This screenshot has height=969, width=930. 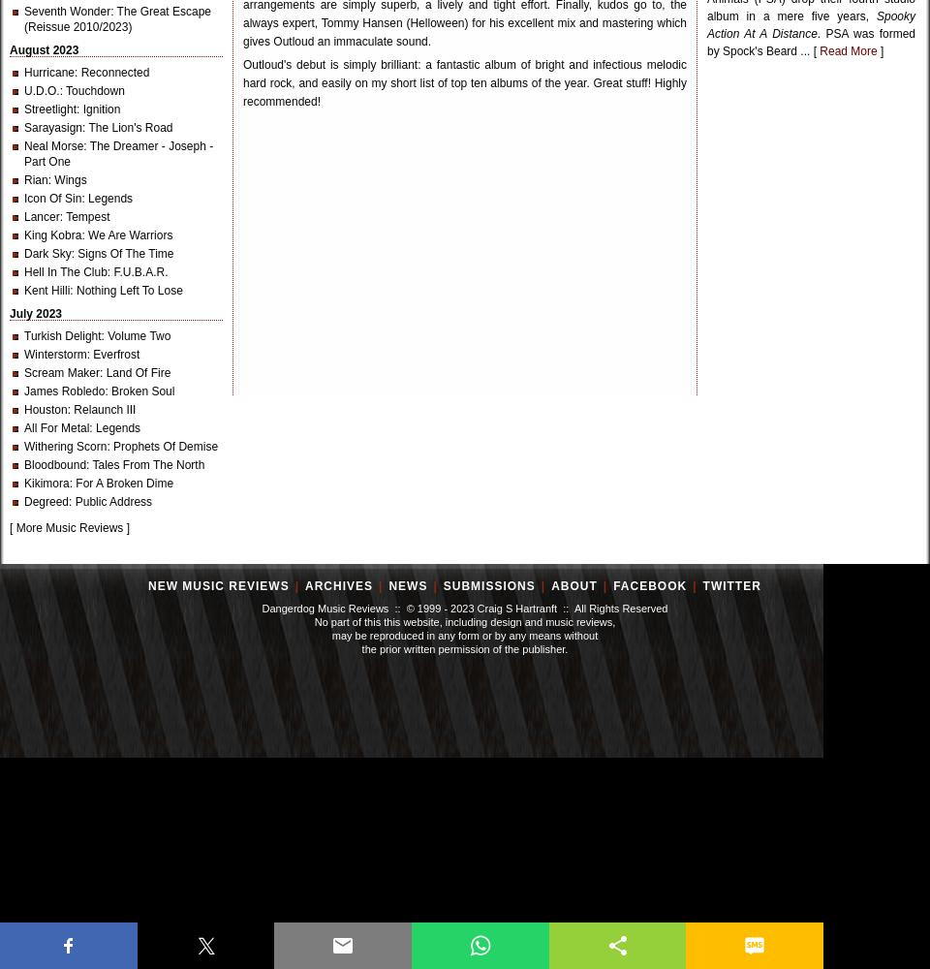 What do you see at coordinates (8, 50) in the screenshot?
I see `'August 2023'` at bounding box center [8, 50].